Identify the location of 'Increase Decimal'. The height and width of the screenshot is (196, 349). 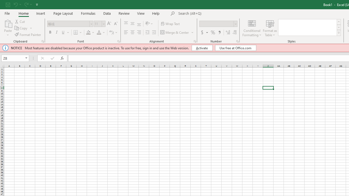
(228, 32).